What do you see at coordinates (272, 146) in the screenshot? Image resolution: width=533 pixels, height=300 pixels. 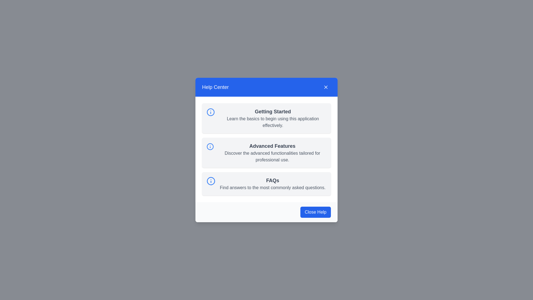 I see `the title text that introduces advanced functionalities in the help menu card, located beneath the 'Getting Started' section` at bounding box center [272, 146].